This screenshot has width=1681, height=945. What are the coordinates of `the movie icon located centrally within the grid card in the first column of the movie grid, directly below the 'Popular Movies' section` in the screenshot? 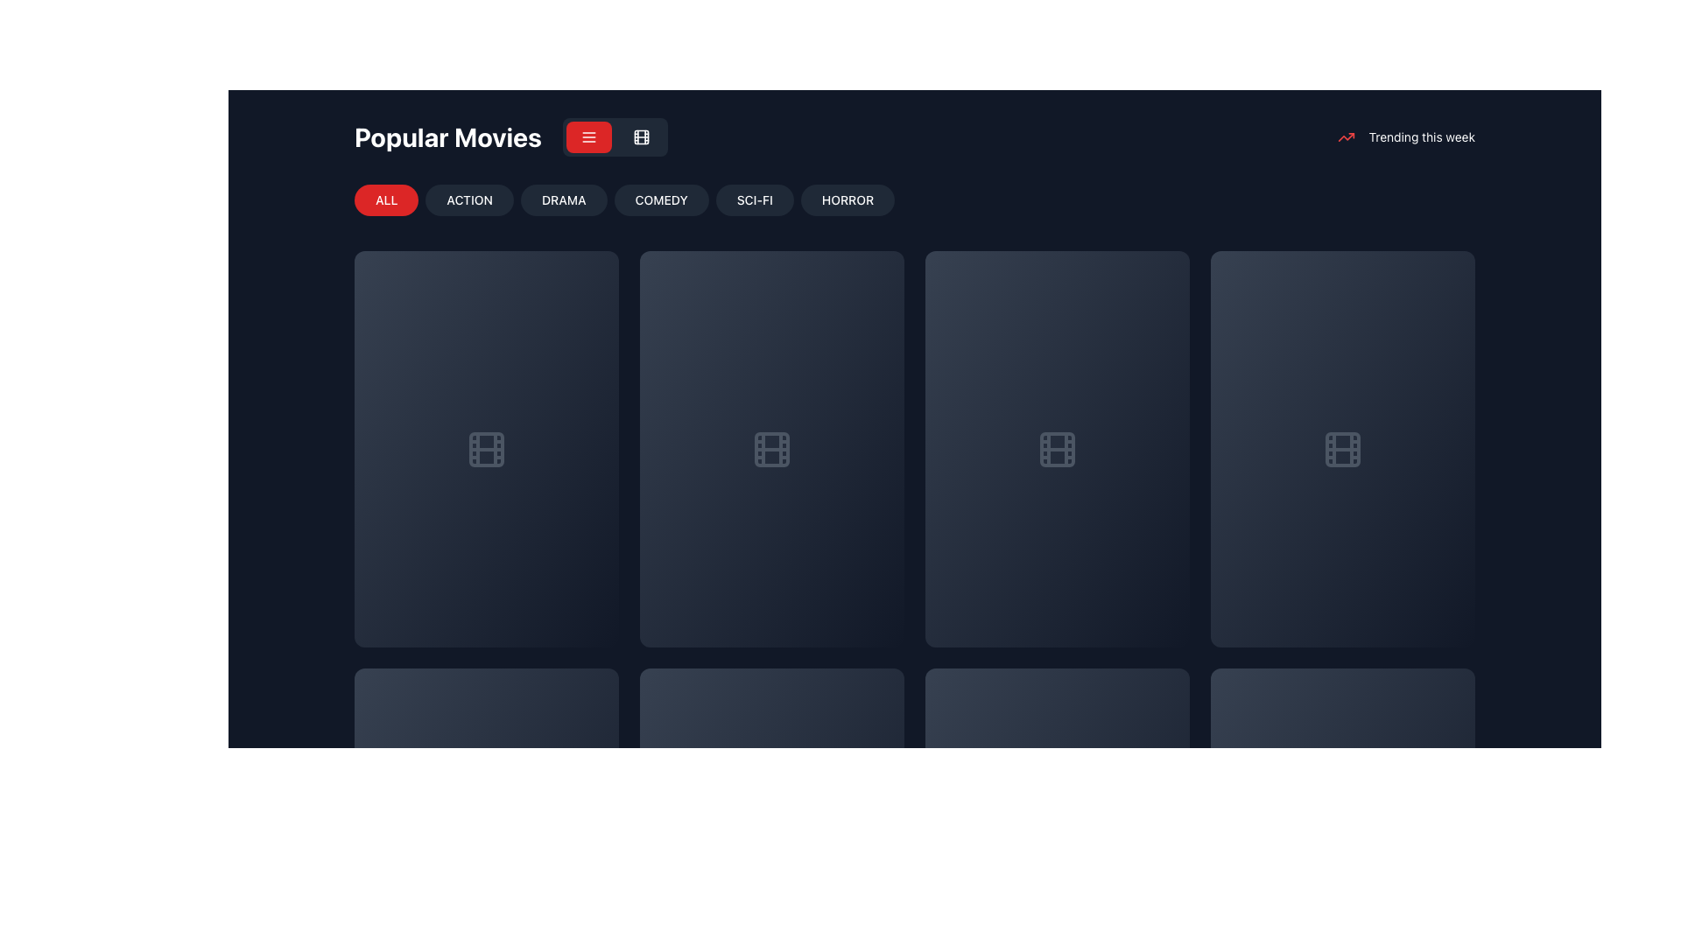 It's located at (487, 448).